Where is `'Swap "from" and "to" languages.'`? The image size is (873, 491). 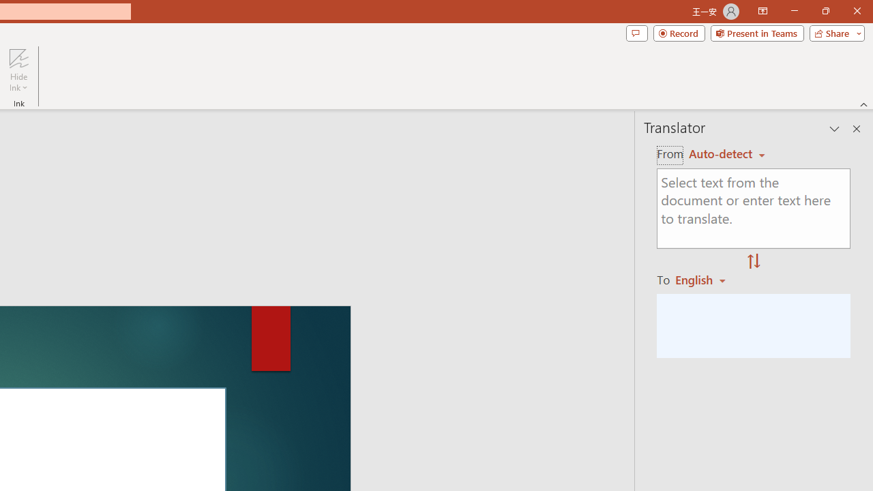 'Swap "from" and "to" languages.' is located at coordinates (753, 262).